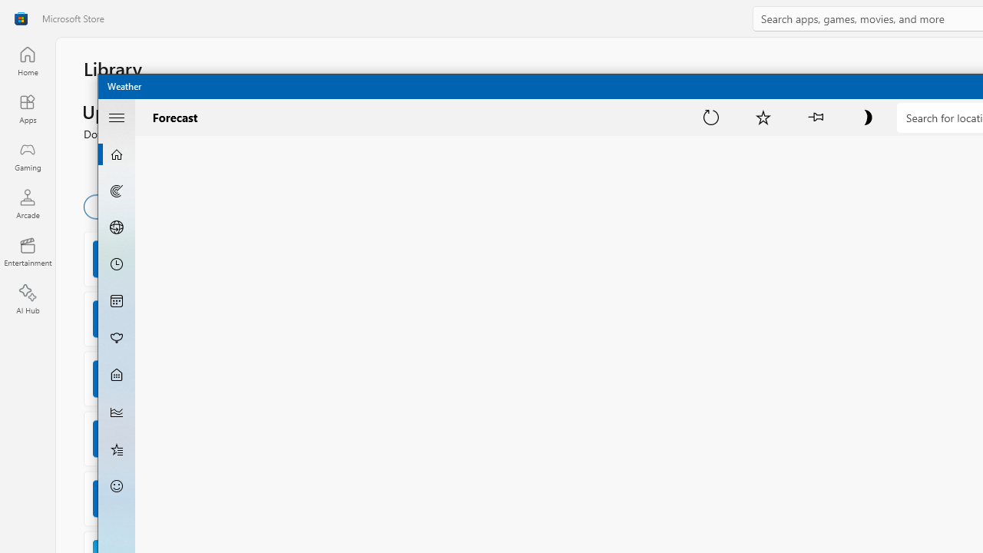  What do you see at coordinates (27, 60) in the screenshot?
I see `'Home'` at bounding box center [27, 60].